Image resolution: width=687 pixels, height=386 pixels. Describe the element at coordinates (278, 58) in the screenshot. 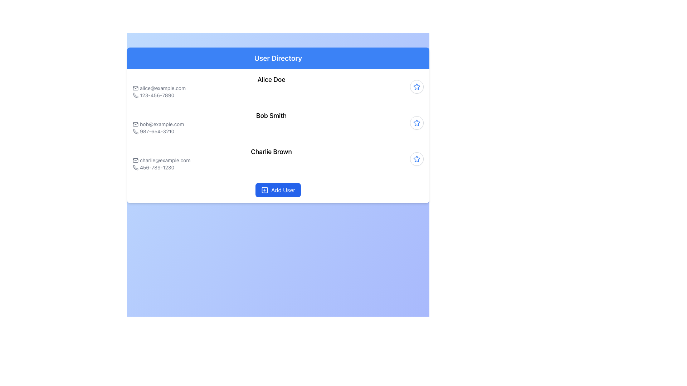

I see `the Header section with a vivid blue background that contains the centered white text reading 'User Directory'` at that location.